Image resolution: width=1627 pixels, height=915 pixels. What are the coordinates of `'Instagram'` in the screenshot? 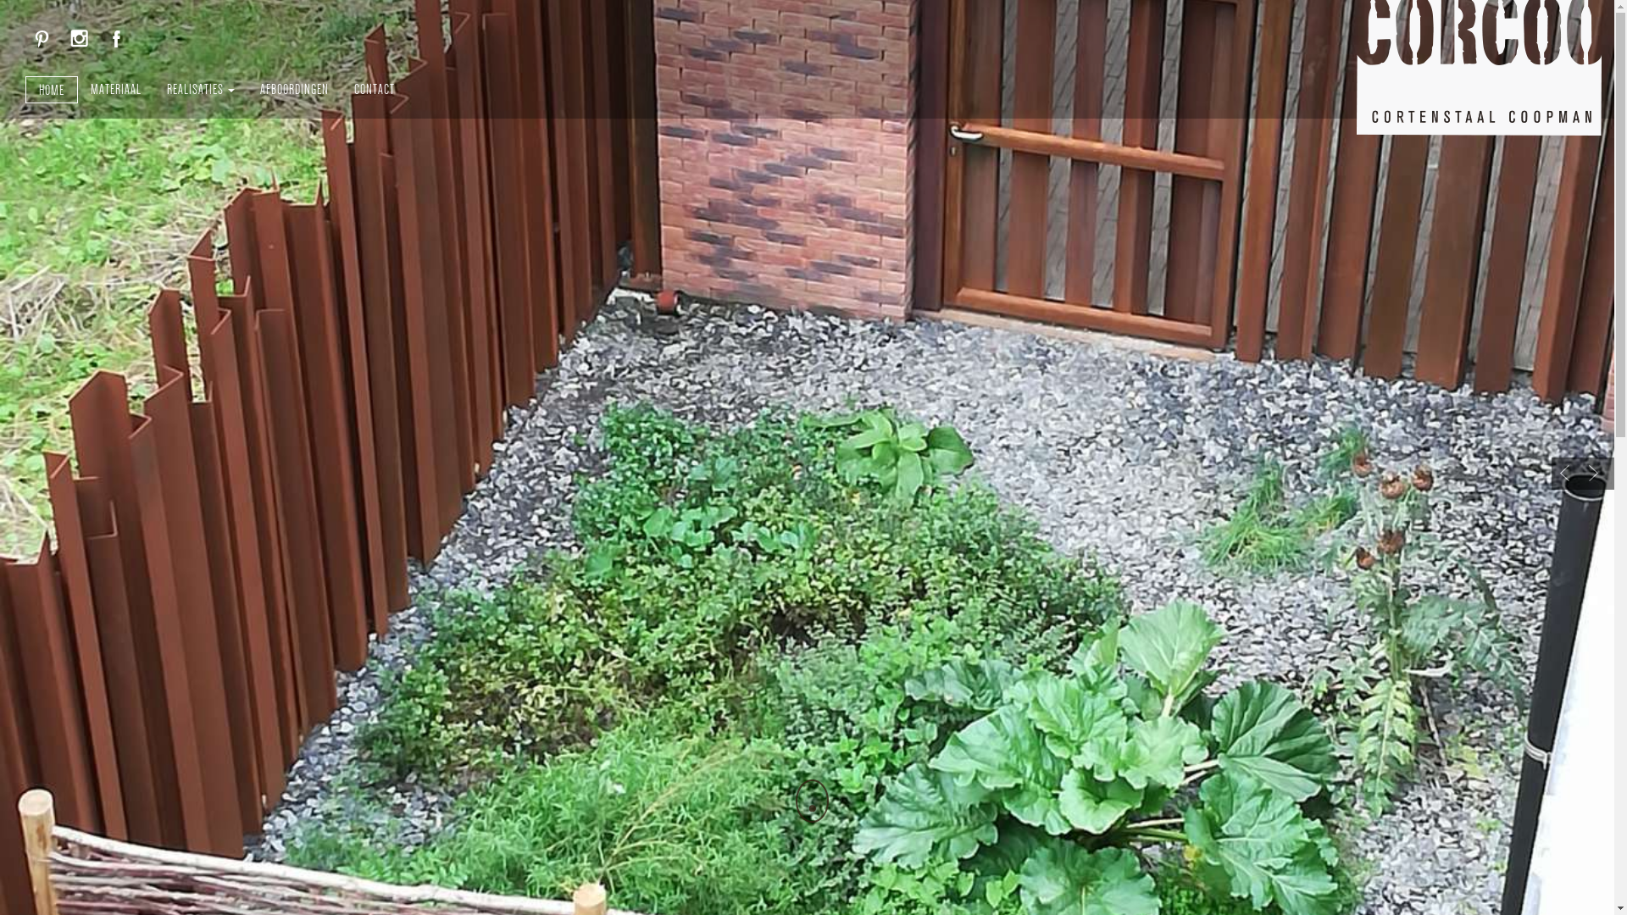 It's located at (79, 38).